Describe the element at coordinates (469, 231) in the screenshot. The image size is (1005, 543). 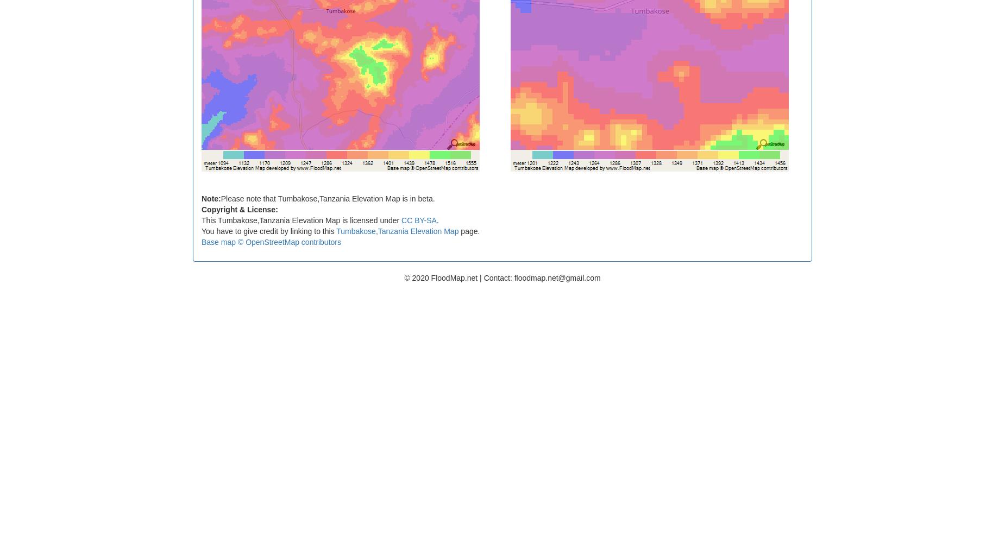
I see `'page.'` at that location.